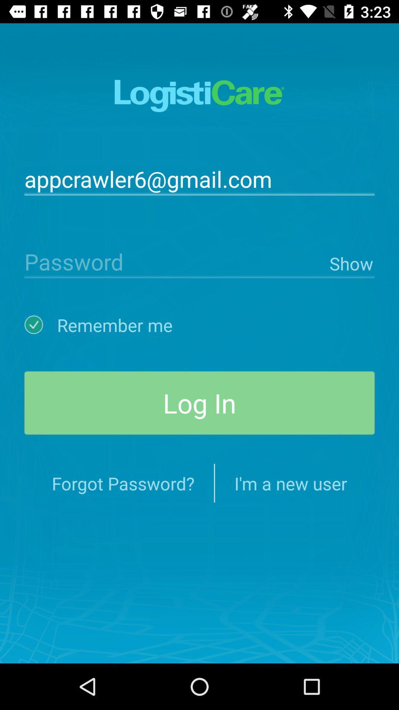 The image size is (399, 710). I want to click on icon on the right, so click(350, 262).